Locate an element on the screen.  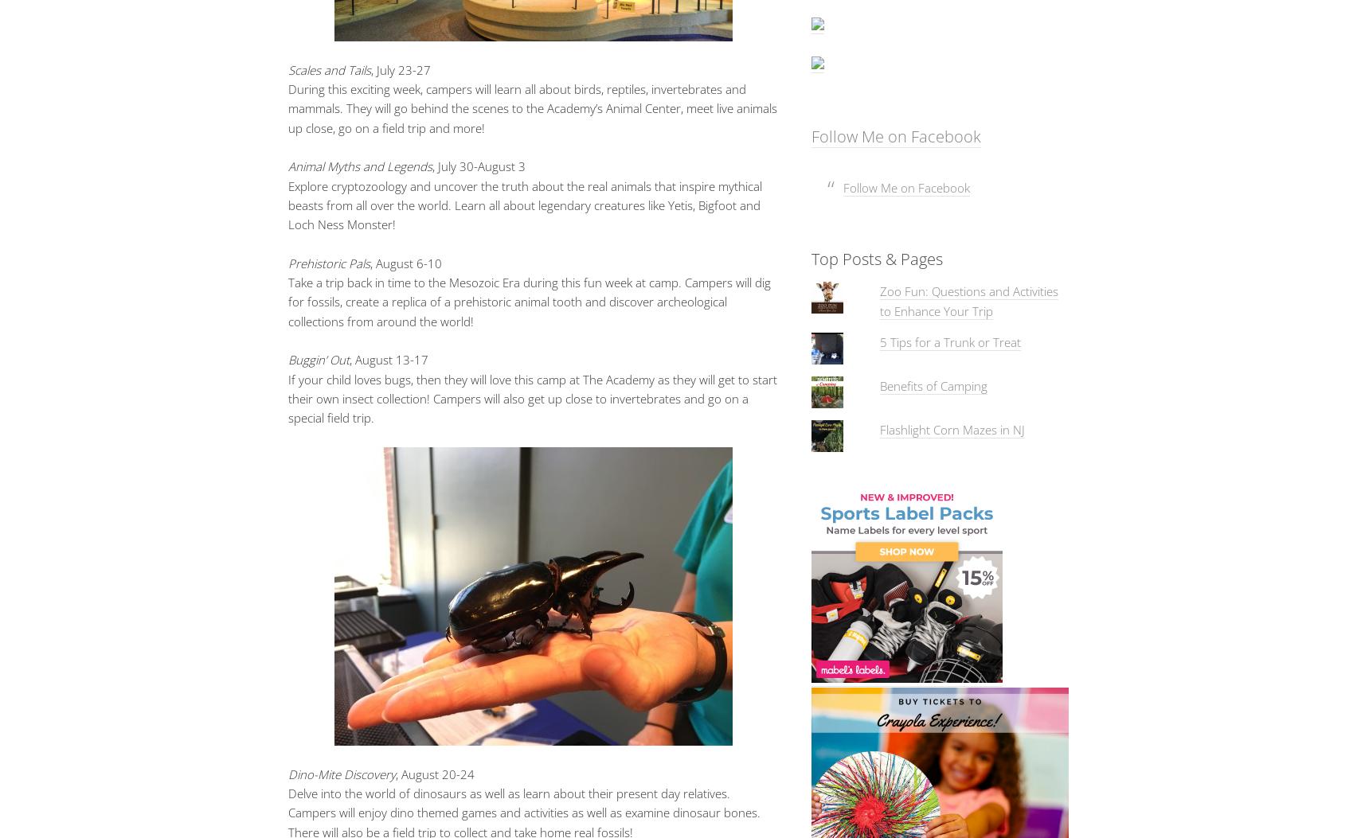
'5 Tips for a Trunk or Treat' is located at coordinates (948, 341).